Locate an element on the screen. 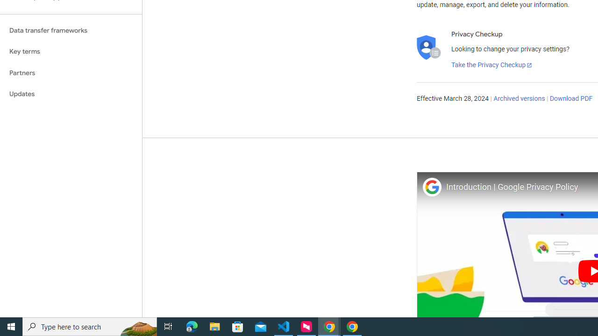 The height and width of the screenshot is (336, 598). 'Take the Privacy Checkup' is located at coordinates (491, 65).